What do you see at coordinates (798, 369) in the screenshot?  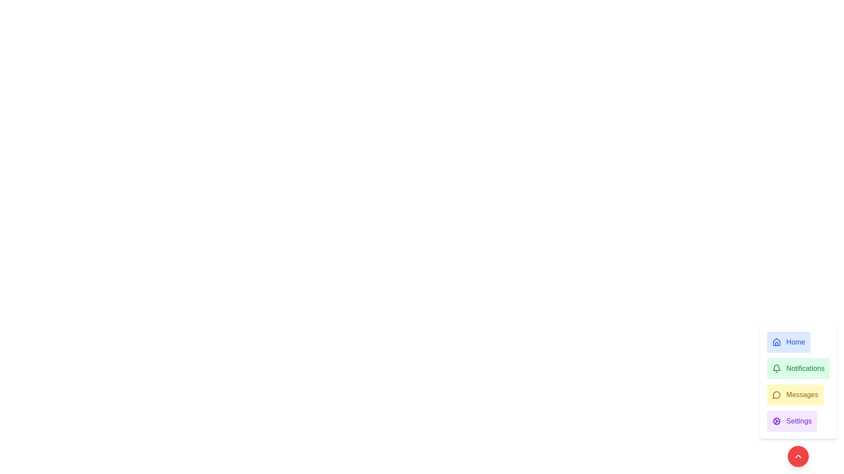 I see `the second button from the top in the vertical menu, which serves as a navigation button` at bounding box center [798, 369].